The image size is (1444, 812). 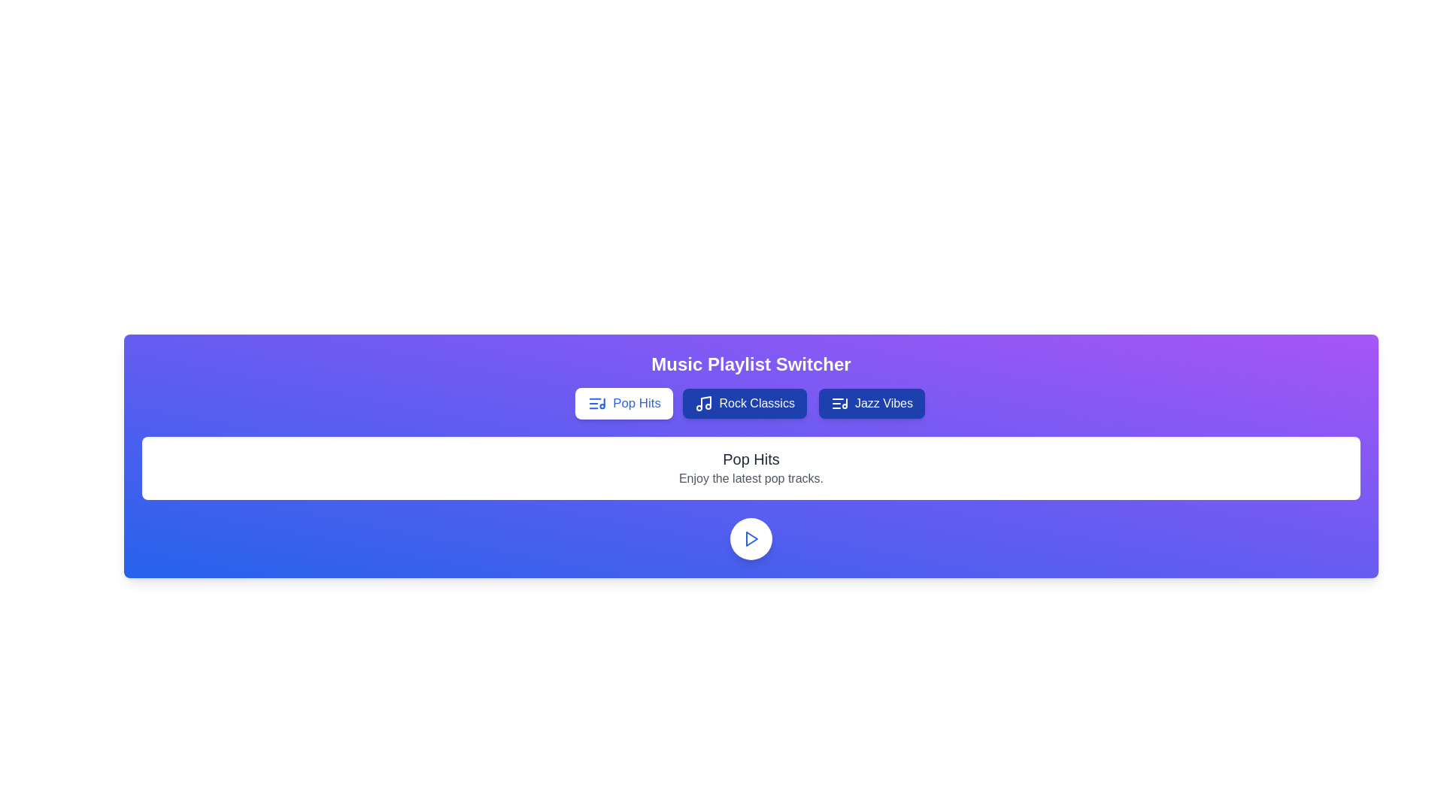 What do you see at coordinates (839, 402) in the screenshot?
I see `the music note icon located inside the 'Jazz Vibes' button, positioned toward the left side of the label` at bounding box center [839, 402].